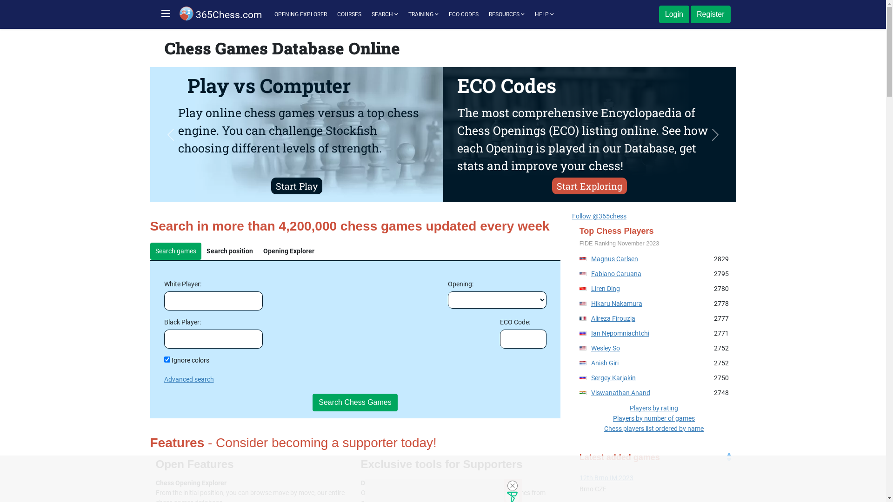 The image size is (893, 502). I want to click on 'Anish Giri', so click(605, 362).